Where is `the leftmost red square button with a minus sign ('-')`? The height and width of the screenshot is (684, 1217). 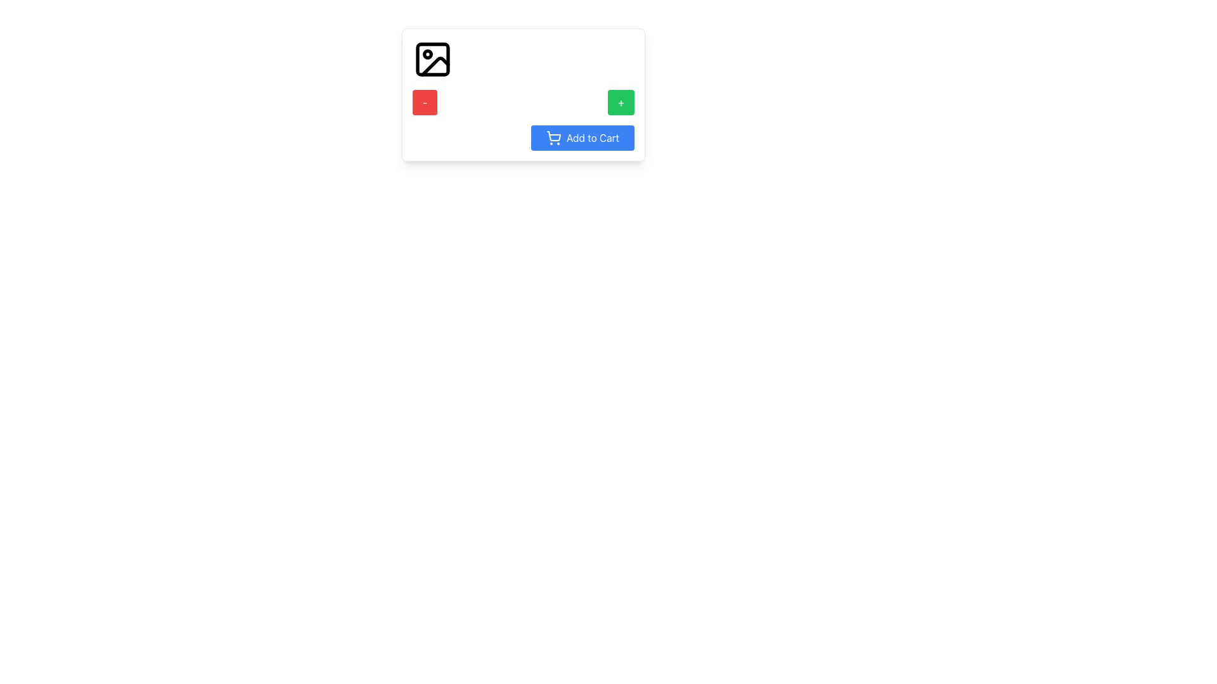 the leftmost red square button with a minus sign ('-') is located at coordinates (425, 102).